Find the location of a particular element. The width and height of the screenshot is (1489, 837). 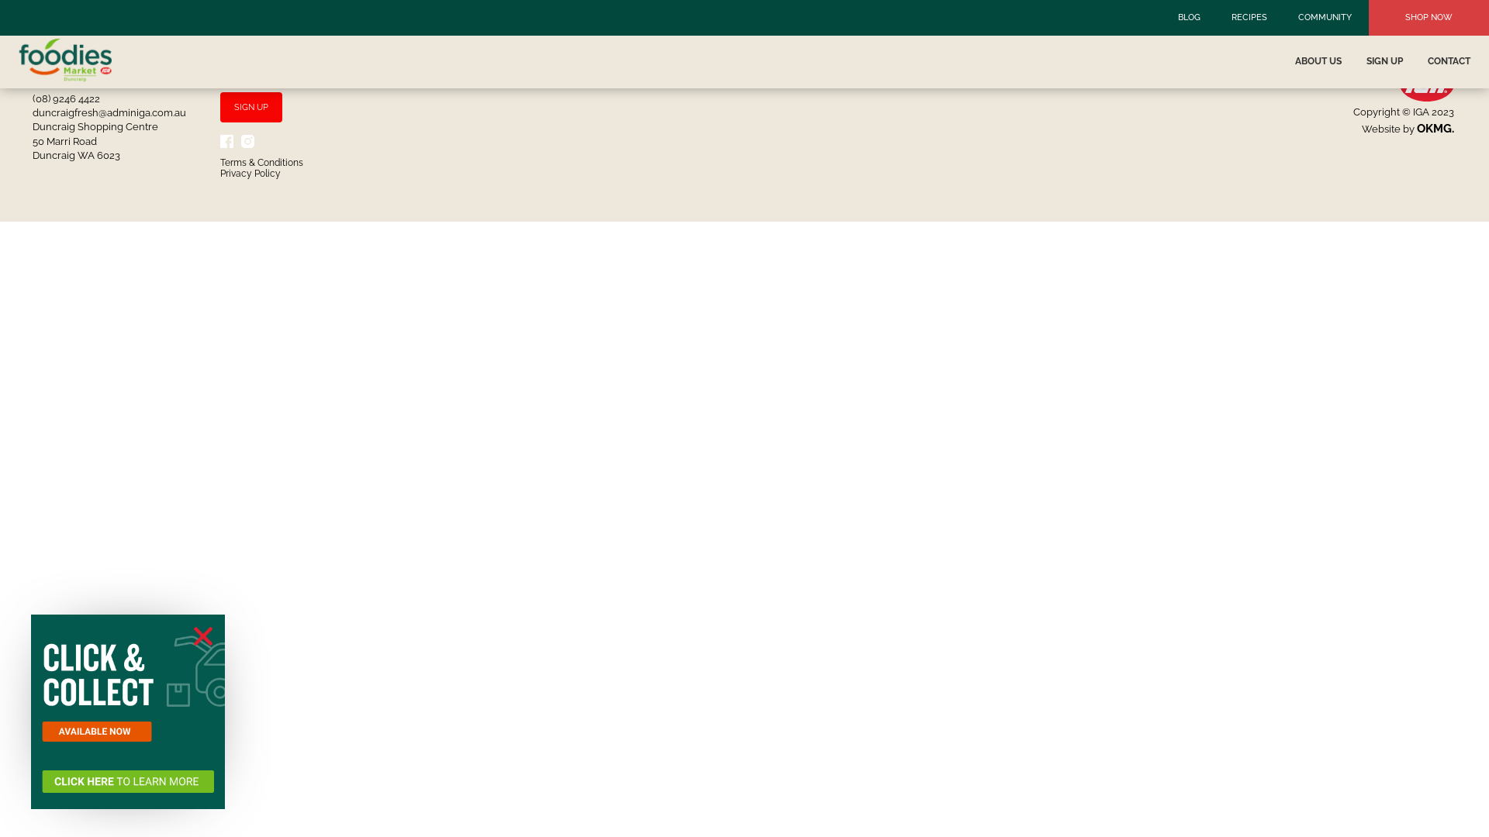

'Privacy Policy' is located at coordinates (250, 173).